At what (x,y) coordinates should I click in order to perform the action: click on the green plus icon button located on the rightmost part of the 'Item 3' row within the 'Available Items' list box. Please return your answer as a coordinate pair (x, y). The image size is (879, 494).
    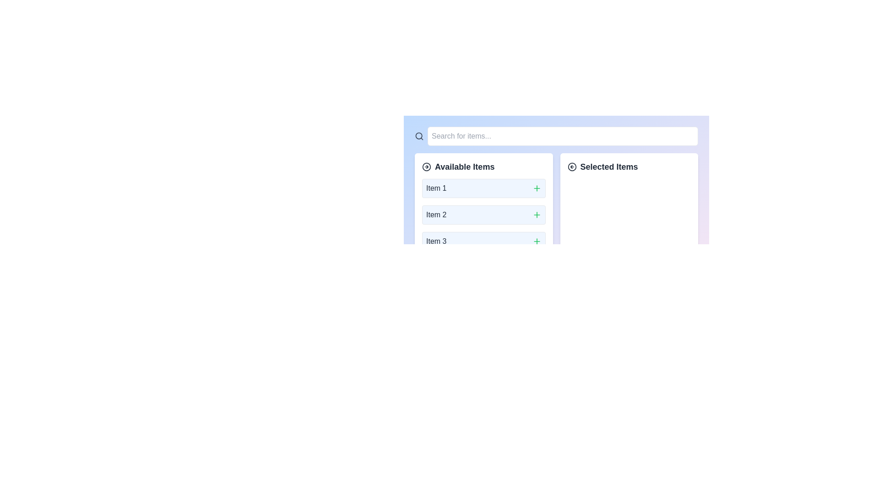
    Looking at the image, I should click on (537, 241).